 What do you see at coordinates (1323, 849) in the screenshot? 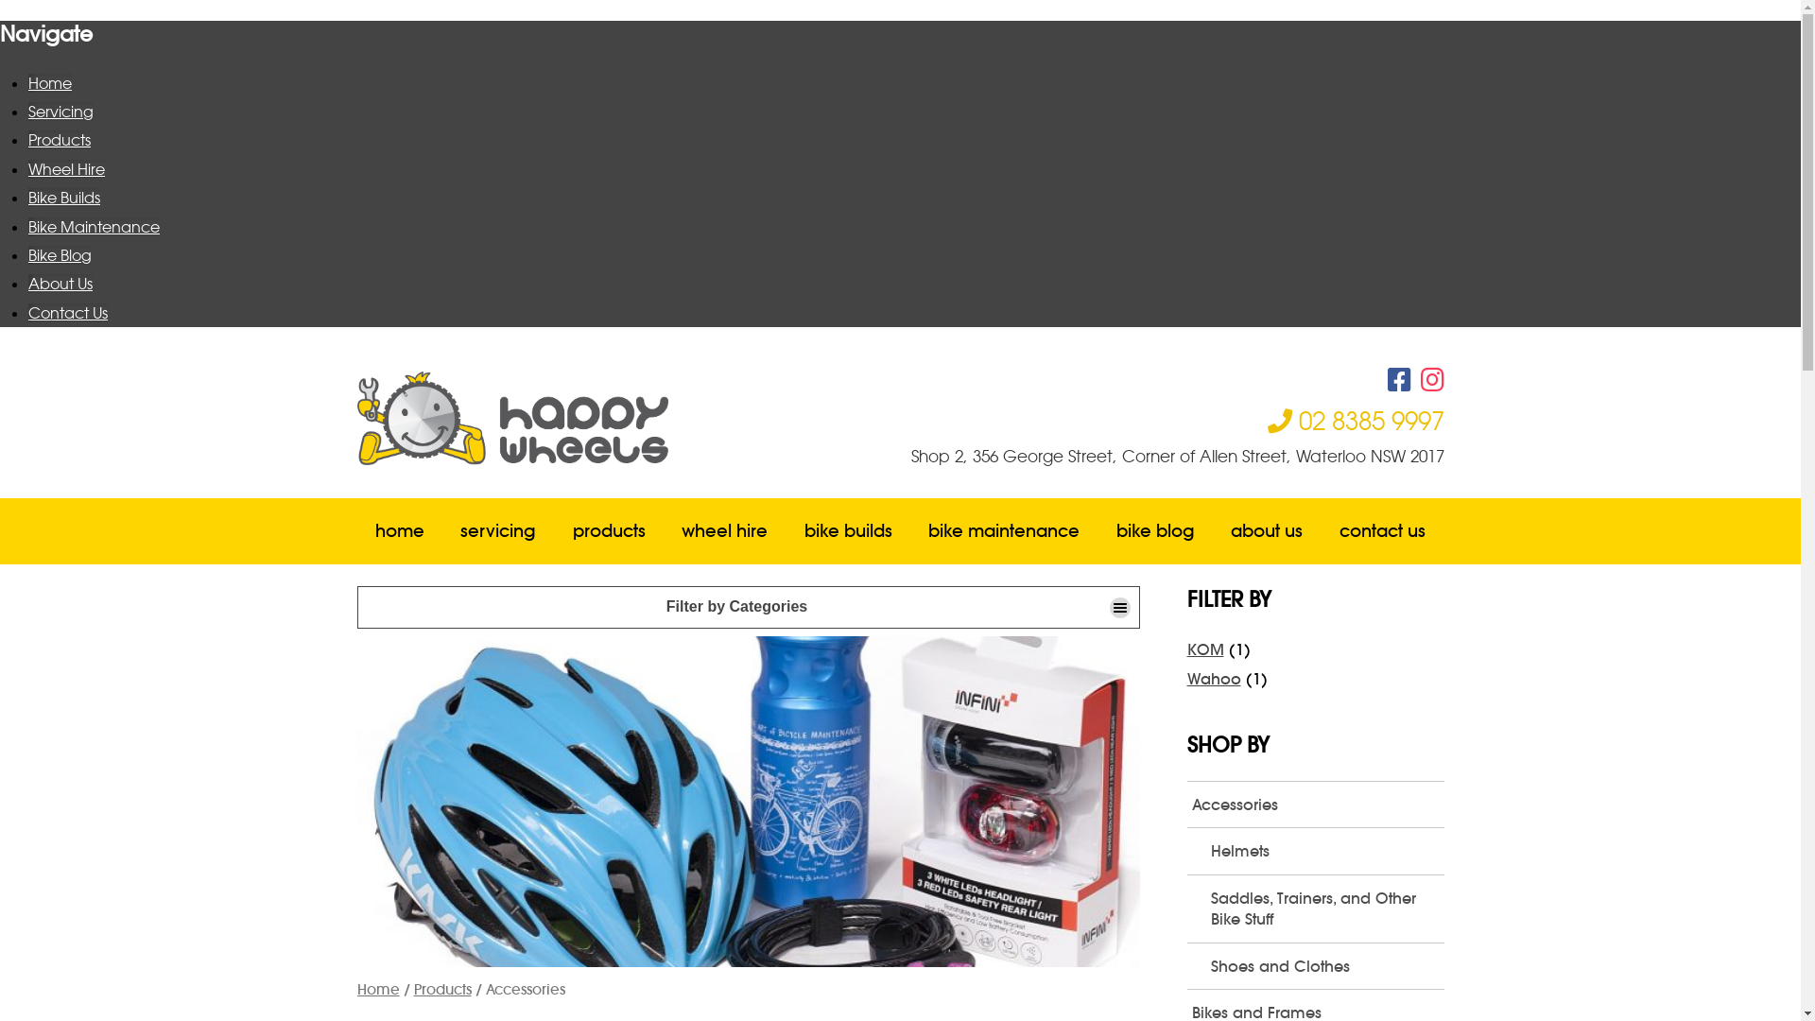
I see `'Helmets'` at bounding box center [1323, 849].